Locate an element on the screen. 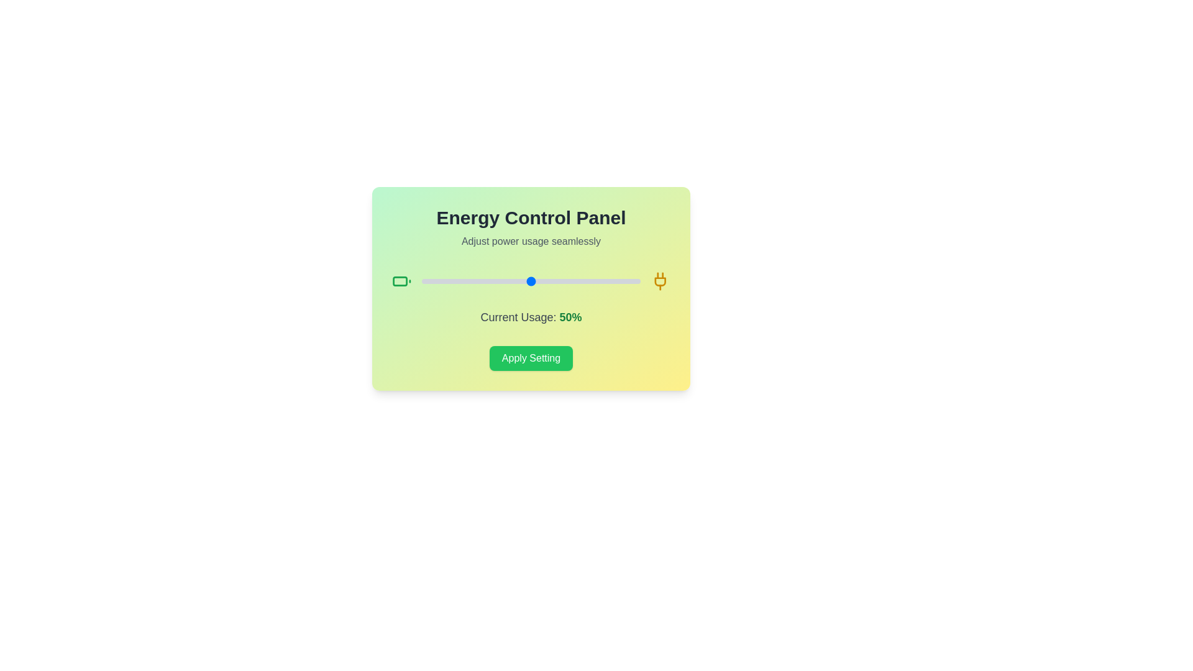 The width and height of the screenshot is (1193, 671). the non-interactive label displaying the current usage percentage ('Current Usage: 50%') located in the center-bottom area of the Energy Control Panel is located at coordinates (570, 316).